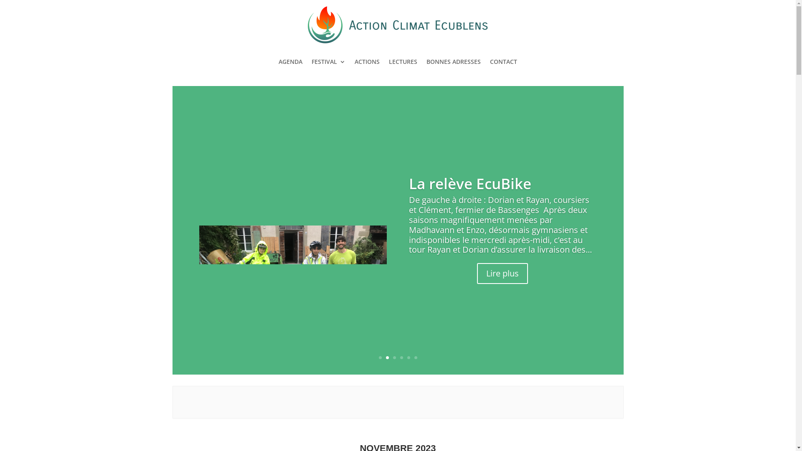  Describe the element at coordinates (426, 61) in the screenshot. I see `'BONNES ADRESSES'` at that location.